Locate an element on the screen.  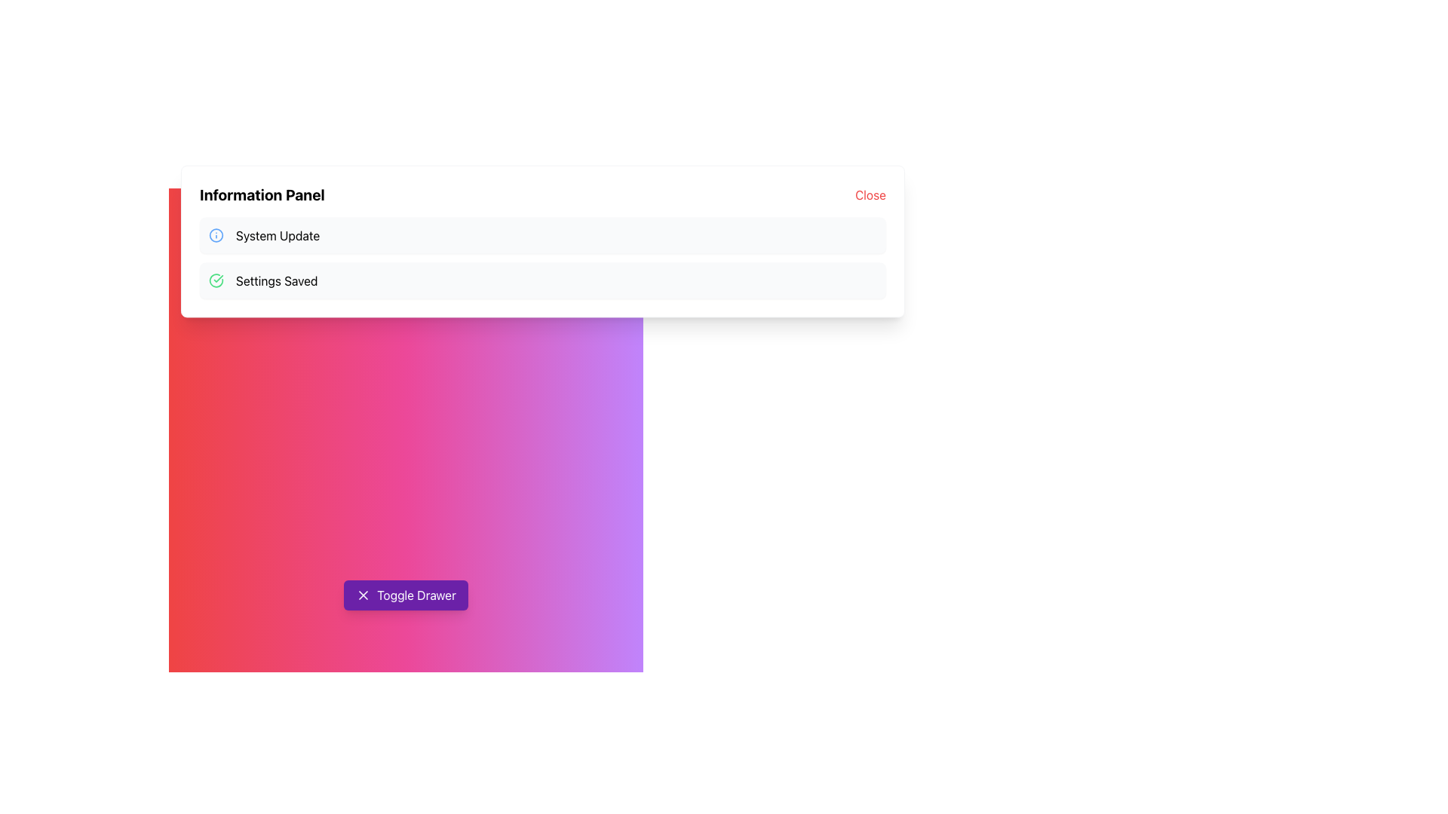
the toggle button for the drawer component located near the bottom center of the interface is located at coordinates (406, 595).